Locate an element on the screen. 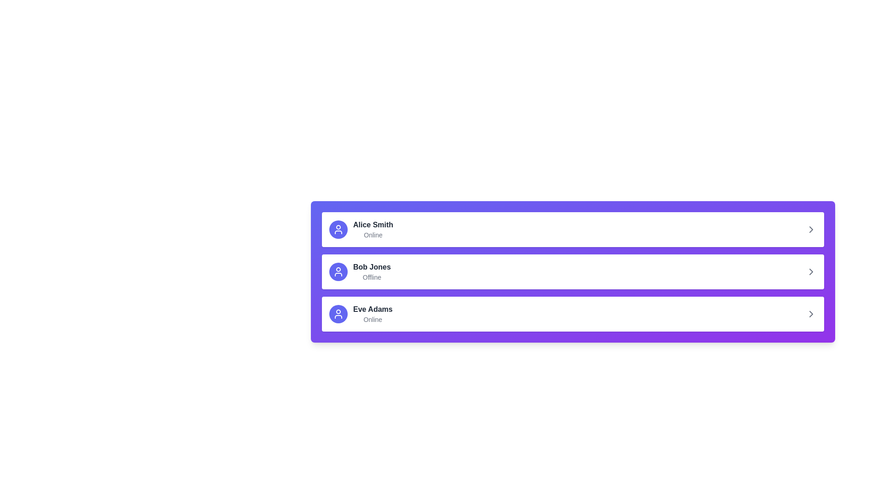 The width and height of the screenshot is (883, 496). the label displaying the individual's name, which is positioned at the top of the card in the third position of a vertical list is located at coordinates (373, 310).